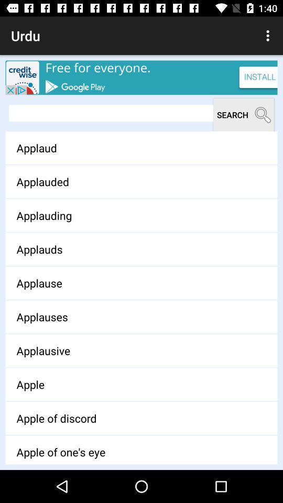 The height and width of the screenshot is (503, 283). I want to click on advertisement, so click(141, 77).